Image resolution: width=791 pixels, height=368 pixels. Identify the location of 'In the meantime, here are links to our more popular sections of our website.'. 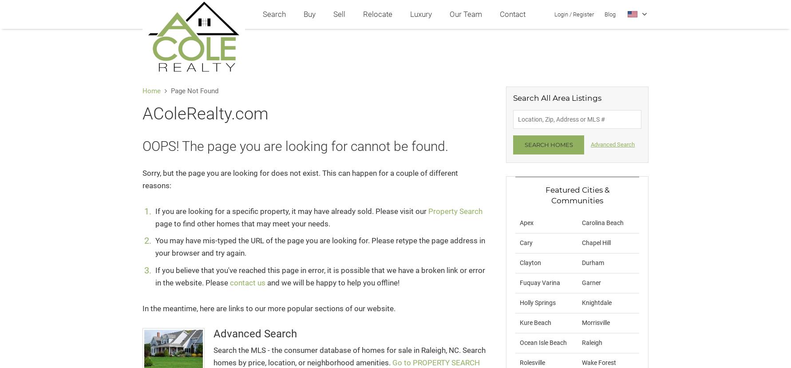
(269, 308).